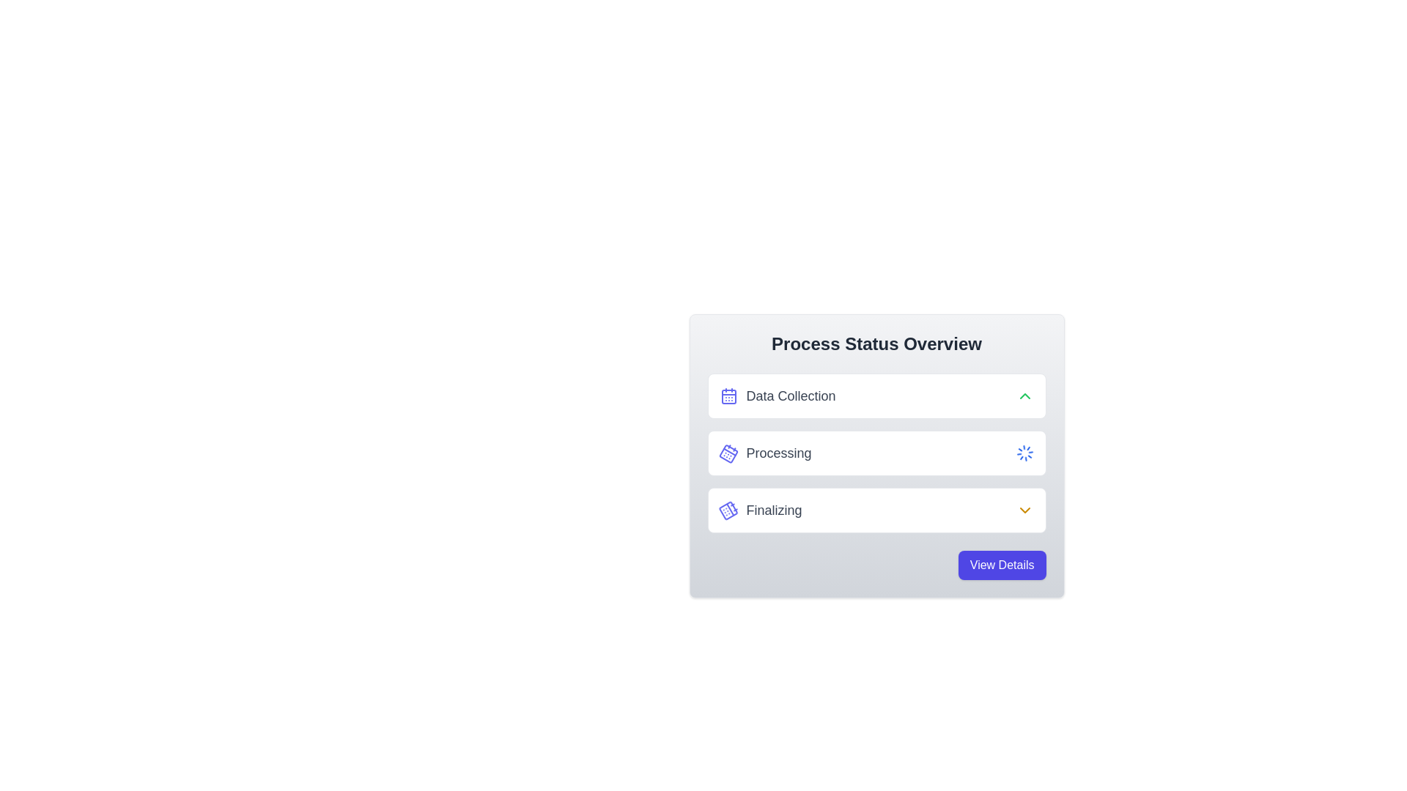 This screenshot has width=1407, height=791. I want to click on the 'Finalizing' process stage icon, which is the leftmost icon next to the text 'Finalizing' in the third row of the 'Process Status Overview' section, so click(728, 510).